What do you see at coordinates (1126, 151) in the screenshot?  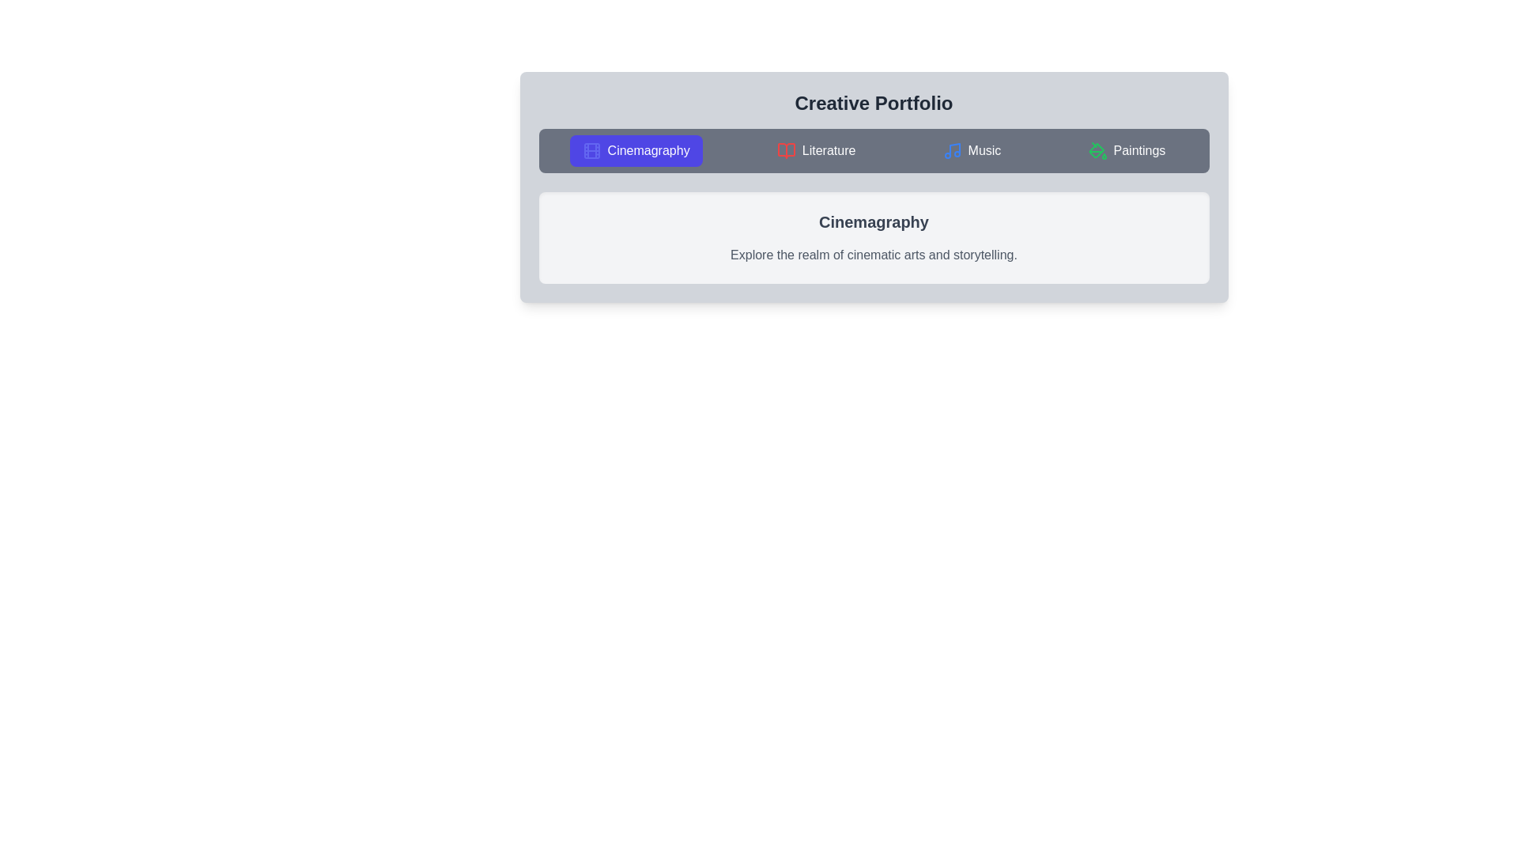 I see `the tab labeled Paintings to activate it` at bounding box center [1126, 151].